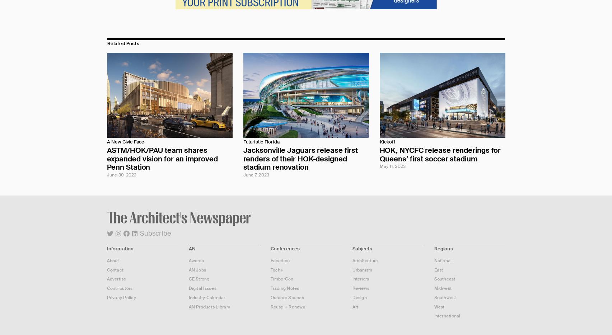 Image resolution: width=612 pixels, height=335 pixels. What do you see at coordinates (440, 154) in the screenshot?
I see `'HOK, NYCFC release renderings for Queens’ first soccer stadium'` at bounding box center [440, 154].